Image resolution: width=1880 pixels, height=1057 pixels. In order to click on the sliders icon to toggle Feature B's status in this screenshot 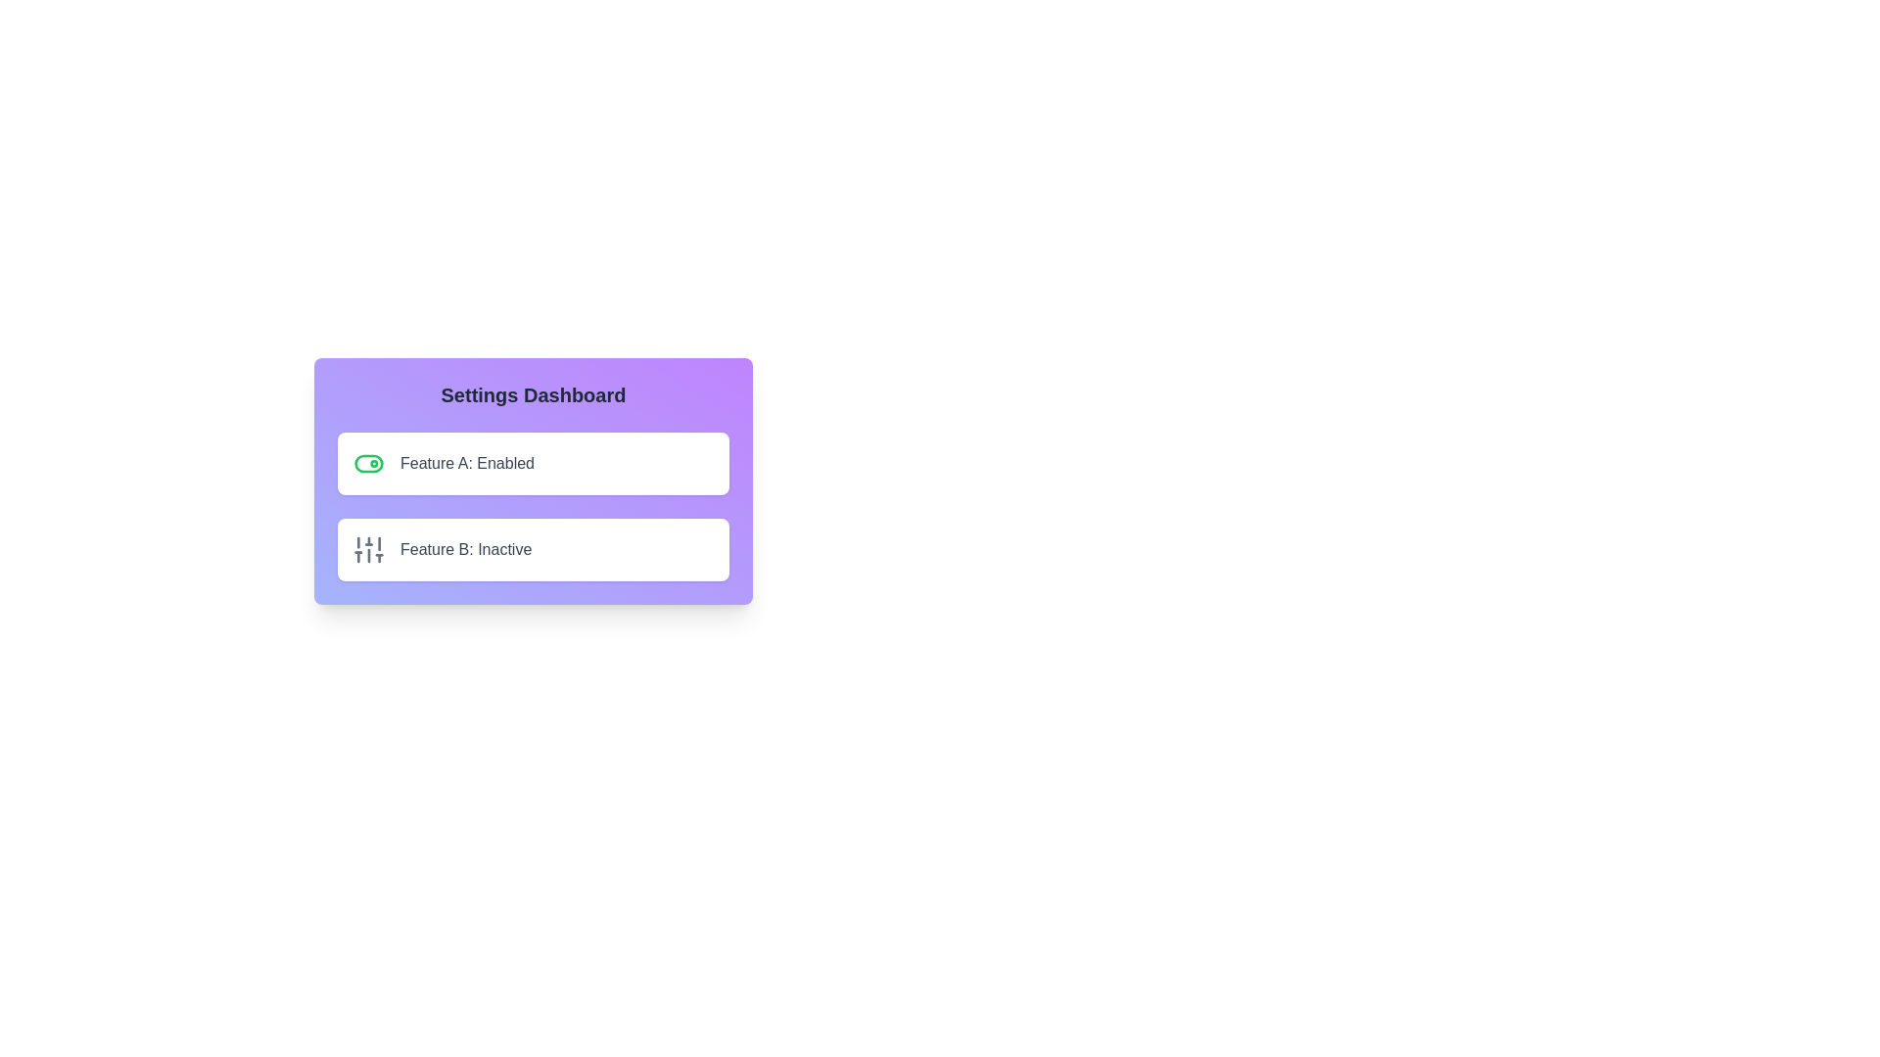, I will do `click(369, 550)`.